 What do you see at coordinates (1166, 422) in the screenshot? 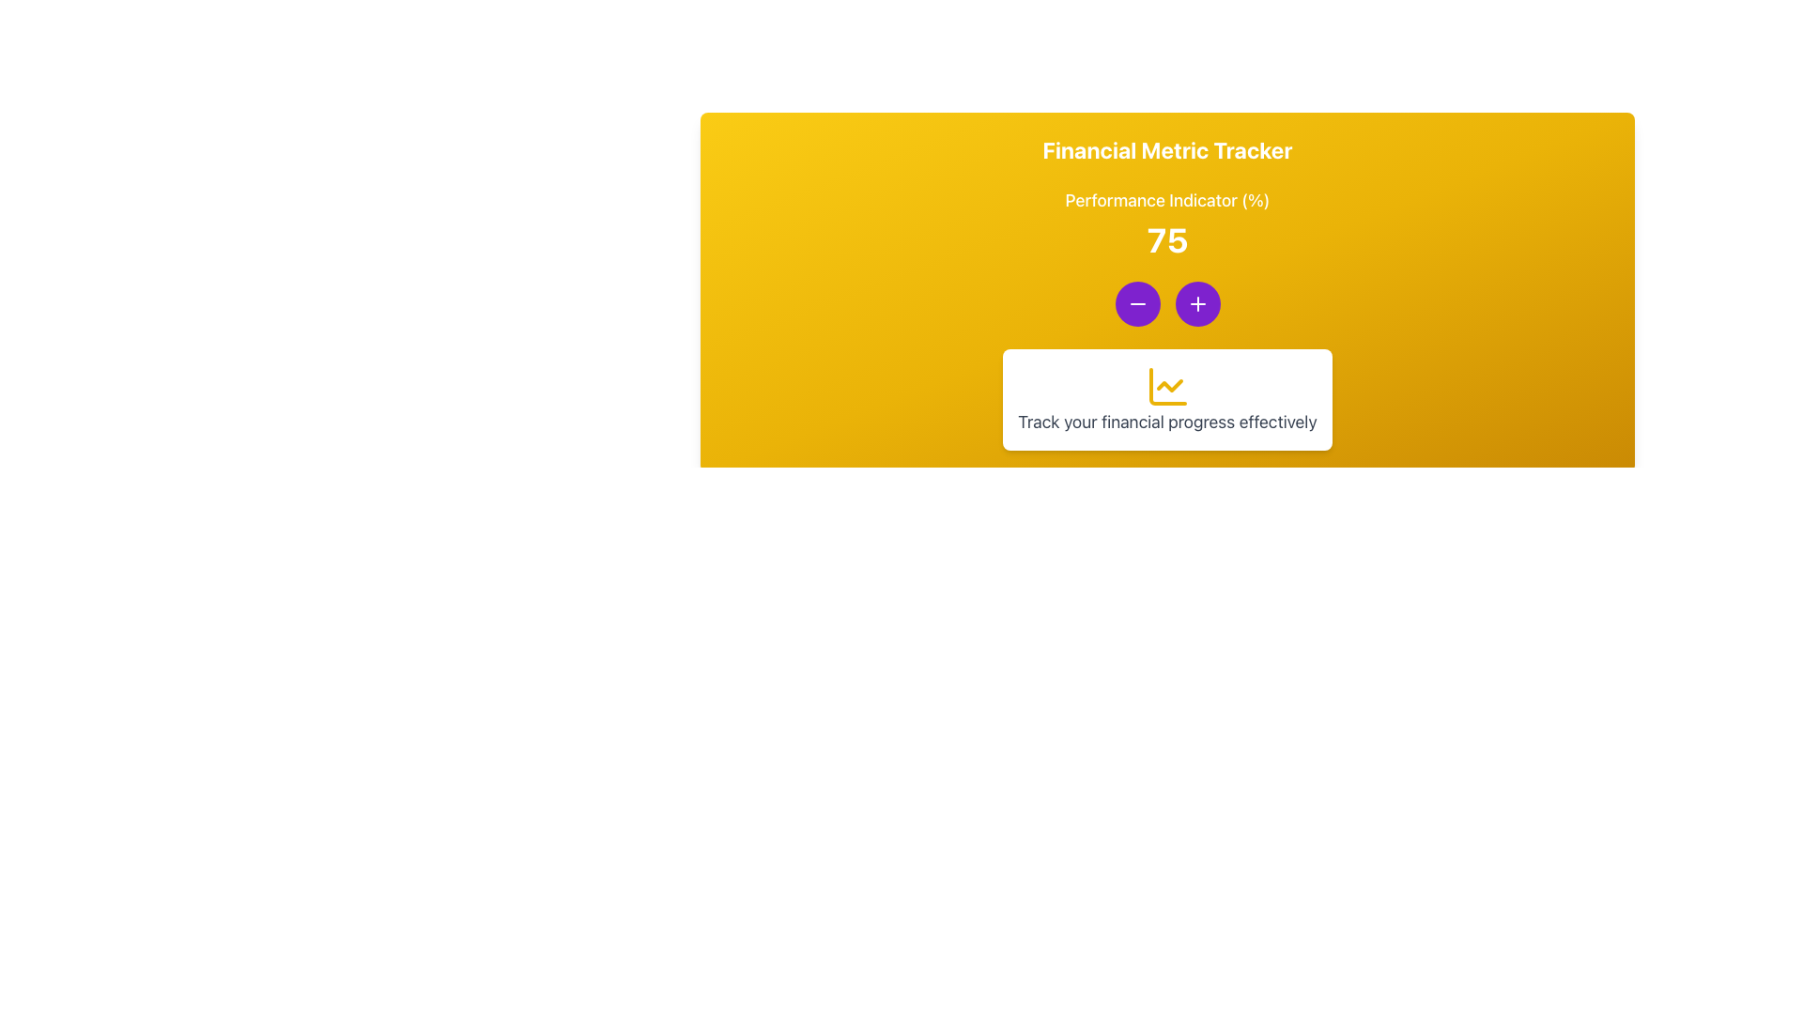
I see `the descriptive label located at the bottom of the white rounded card, which provides context related to tracking financial progress` at bounding box center [1166, 422].